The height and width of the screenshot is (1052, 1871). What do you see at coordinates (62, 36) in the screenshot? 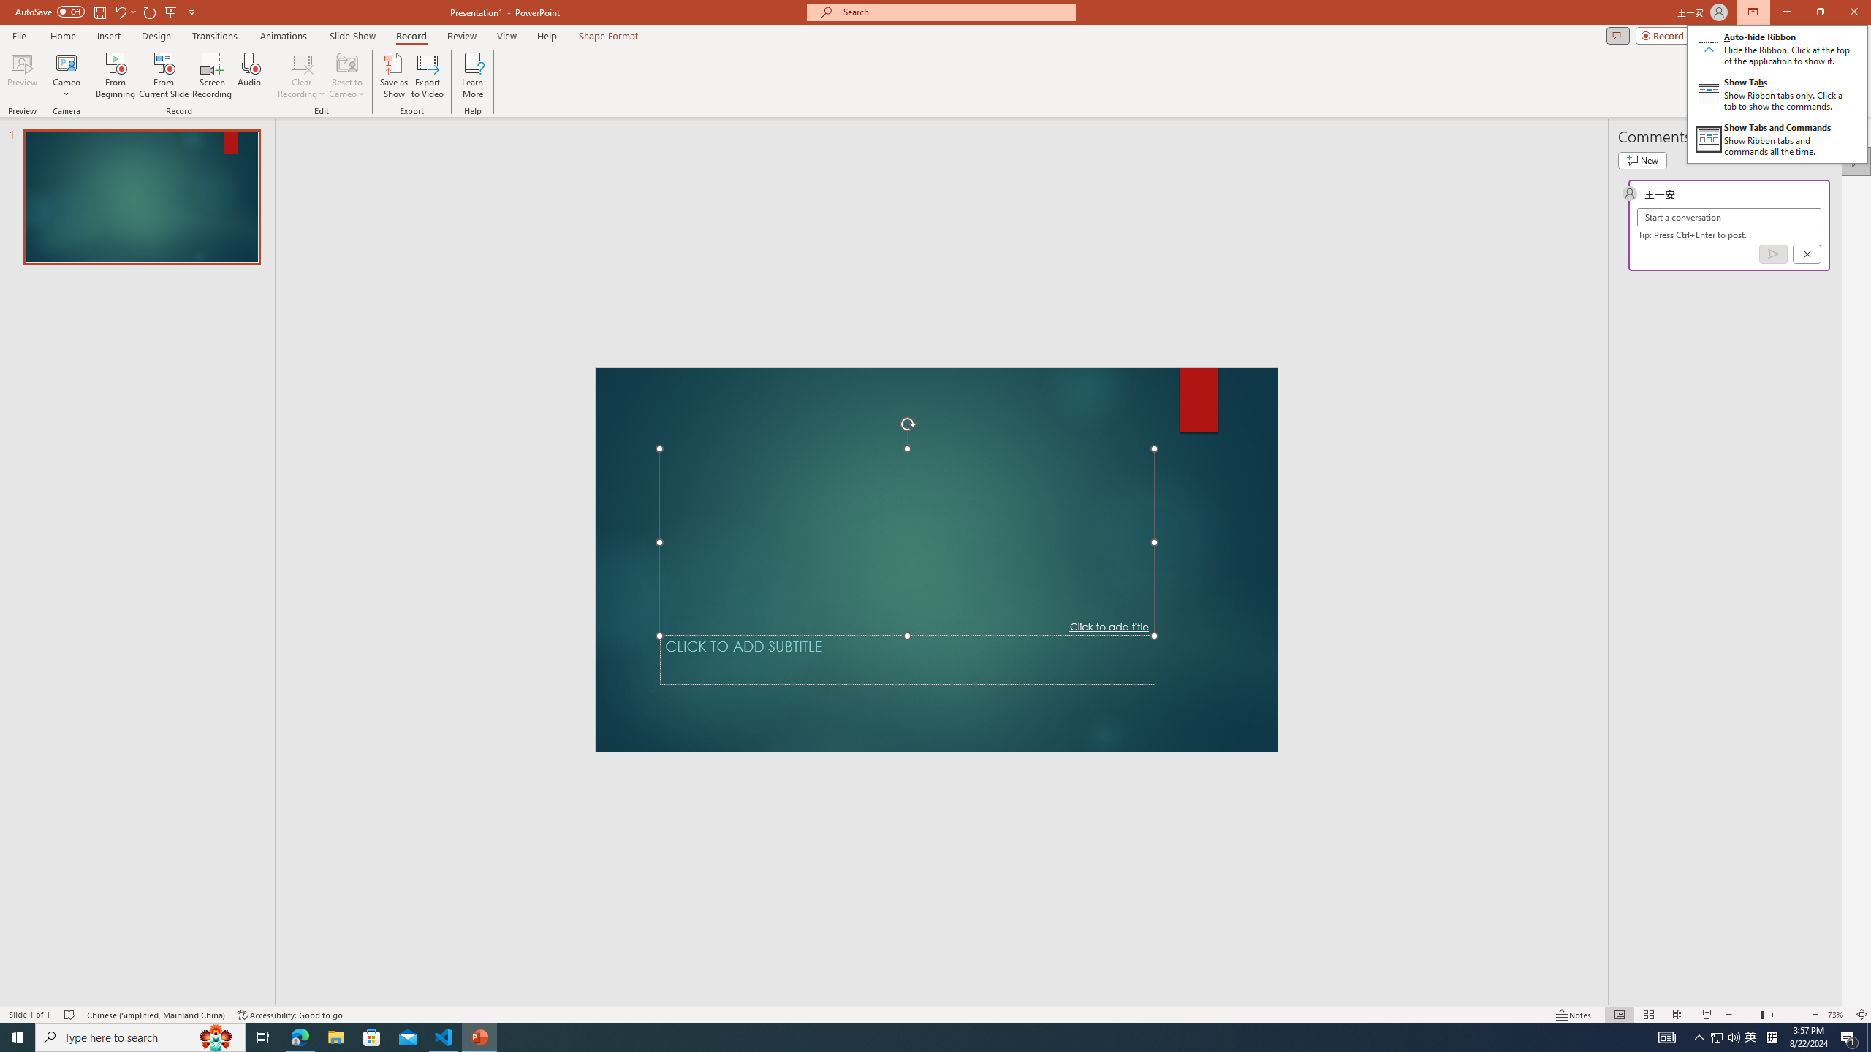
I see `'Home'` at bounding box center [62, 36].